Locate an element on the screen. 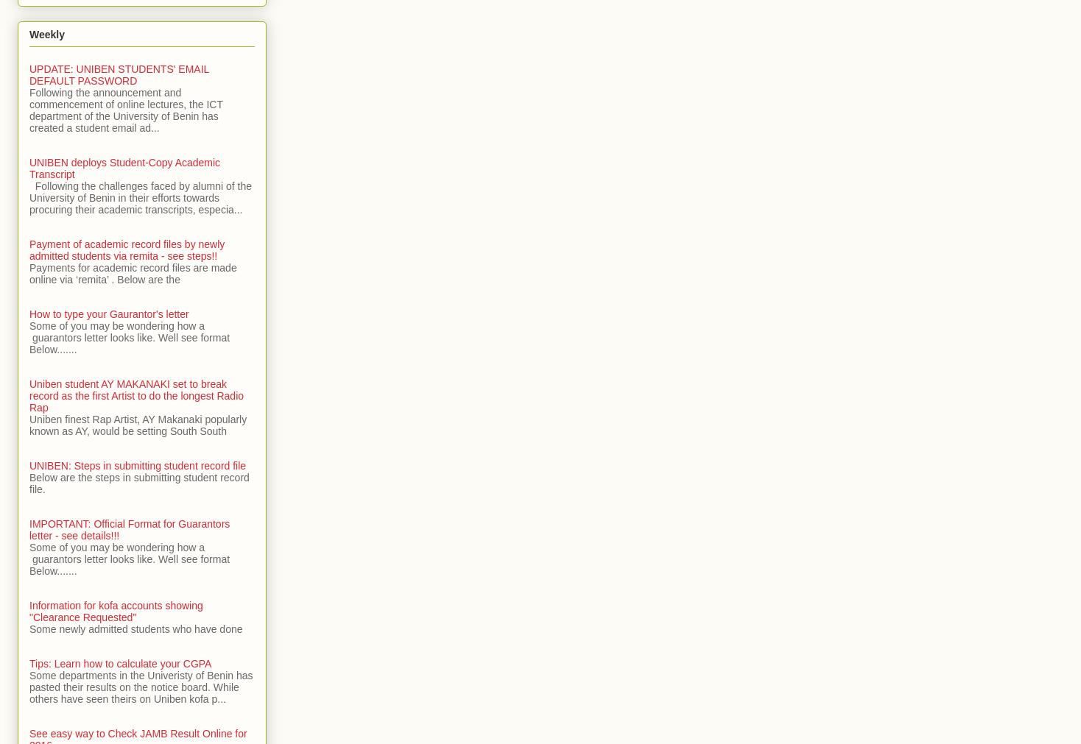  'Below are the steps in submitting student record file.' is located at coordinates (138, 483).